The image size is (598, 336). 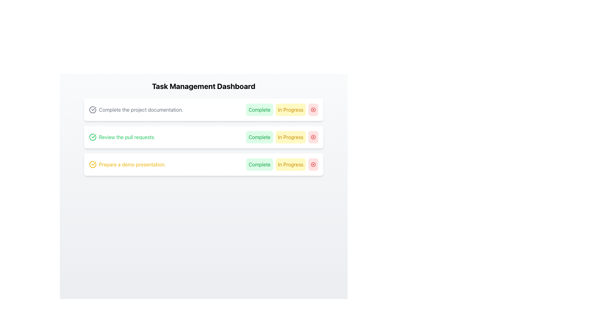 What do you see at coordinates (313, 164) in the screenshot?
I see `the outlined circular graphical icon located at the far right of the third task item row in the task management dashboard` at bounding box center [313, 164].